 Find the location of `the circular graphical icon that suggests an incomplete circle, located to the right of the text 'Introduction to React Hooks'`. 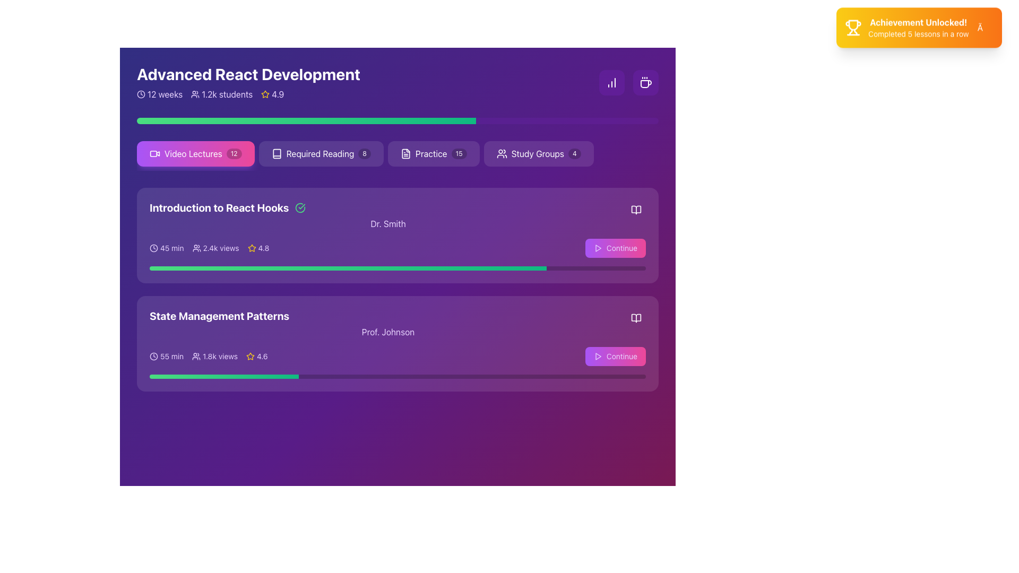

the circular graphical icon that suggests an incomplete circle, located to the right of the text 'Introduction to React Hooks' is located at coordinates (300, 208).